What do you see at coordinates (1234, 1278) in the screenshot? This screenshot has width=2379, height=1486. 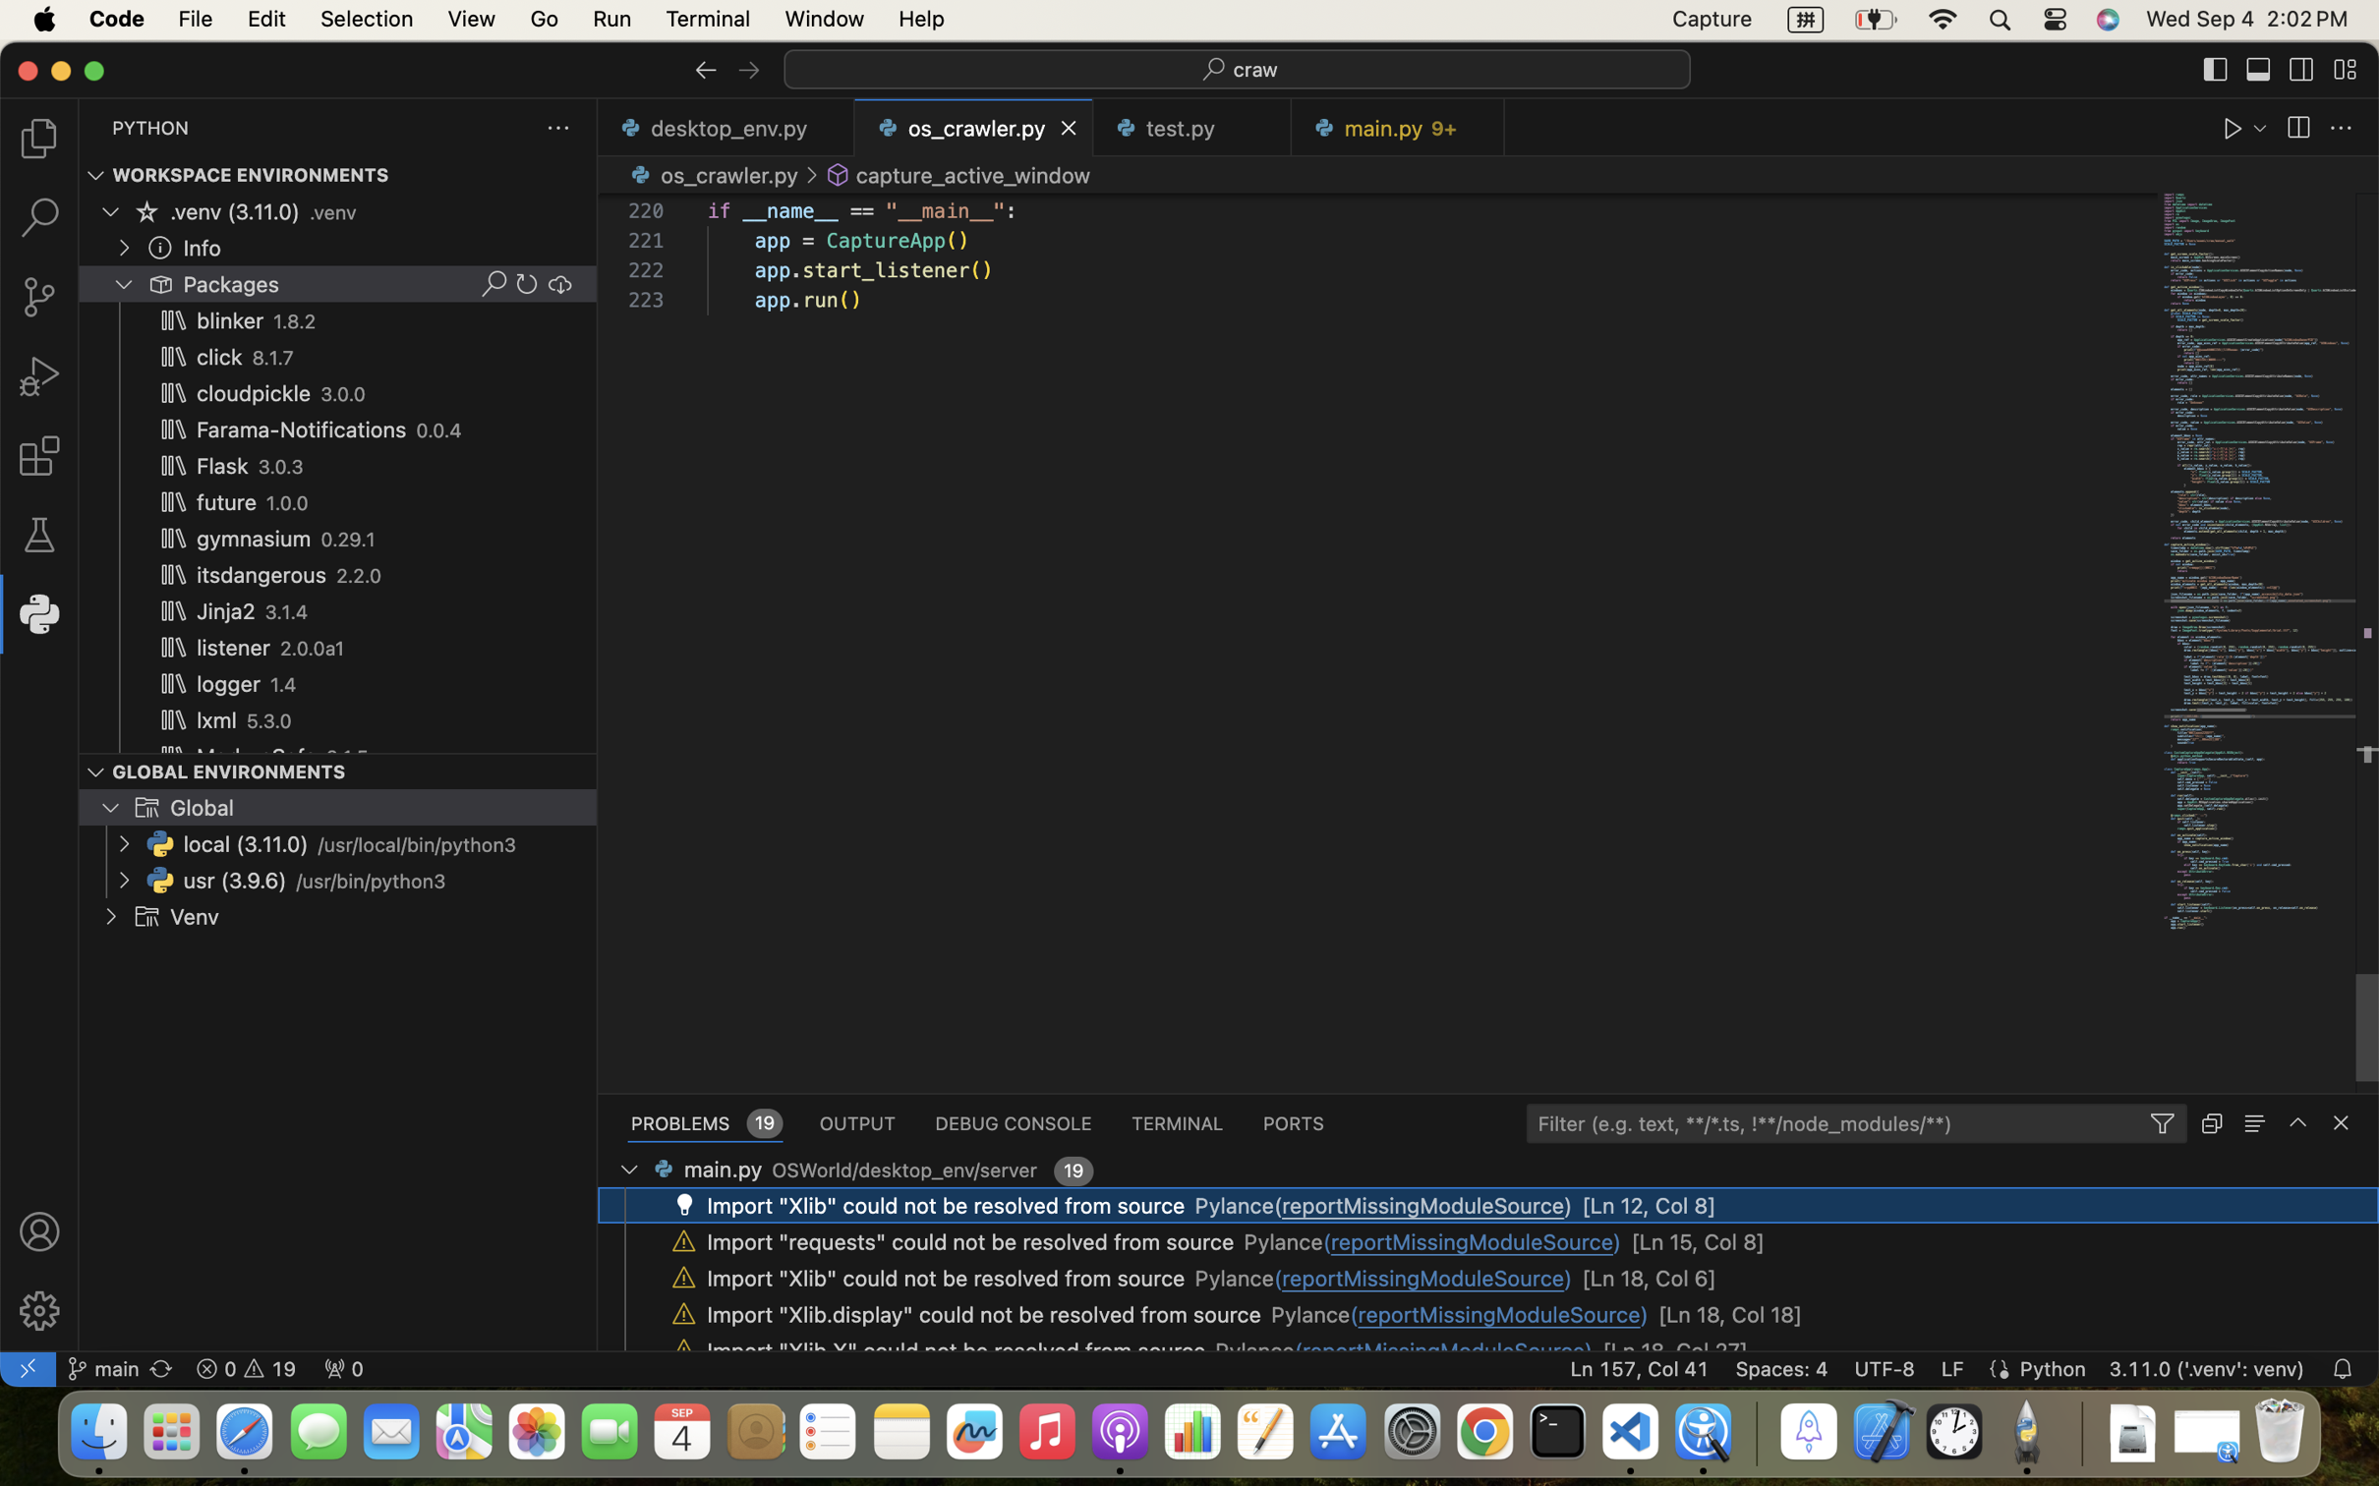 I see `'Pylance'` at bounding box center [1234, 1278].